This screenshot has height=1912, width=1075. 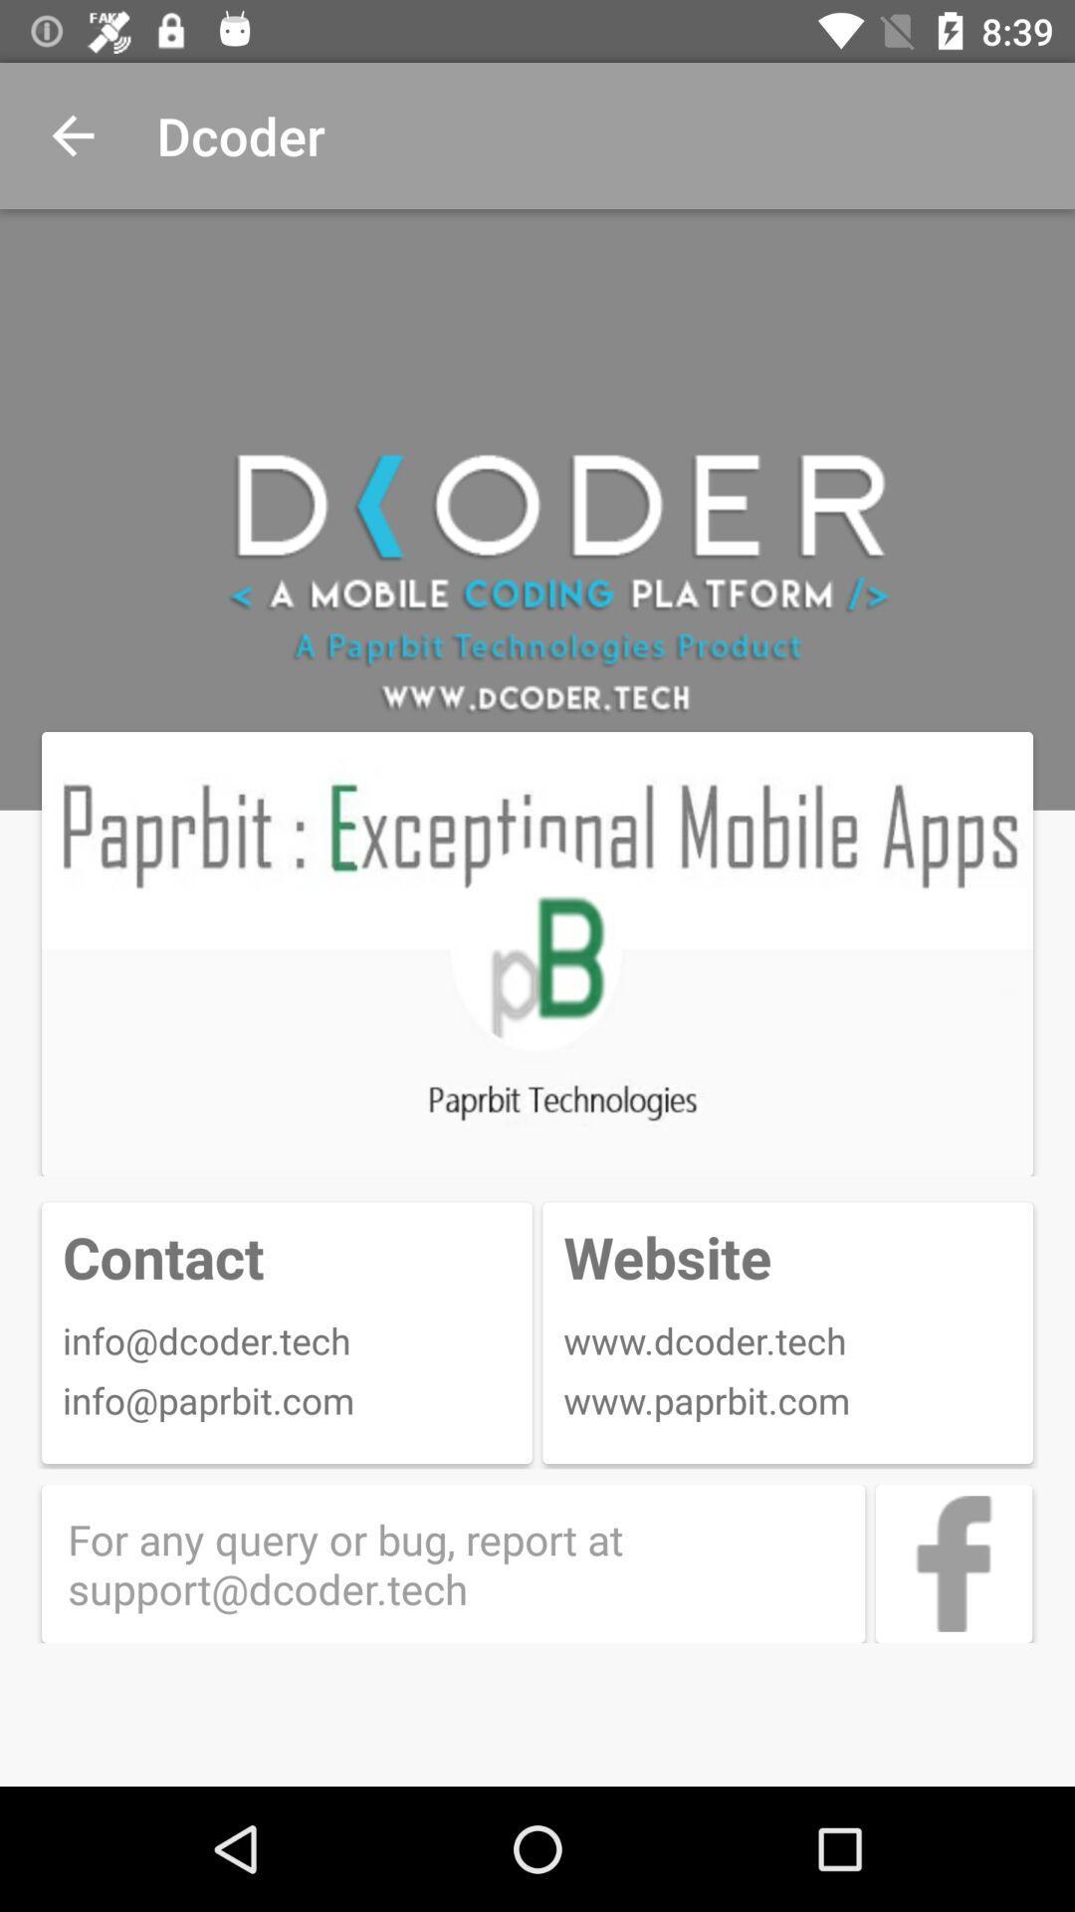 I want to click on item next to the for any query, so click(x=953, y=1562).